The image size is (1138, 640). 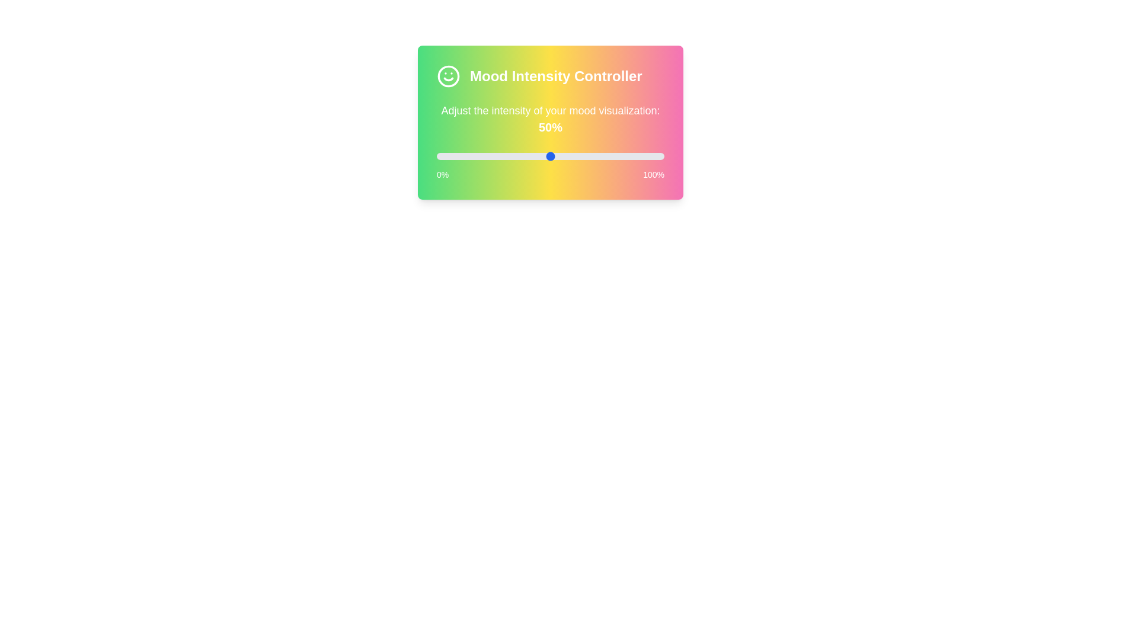 What do you see at coordinates (608, 155) in the screenshot?
I see `the slider to set mood intensity to 75%` at bounding box center [608, 155].